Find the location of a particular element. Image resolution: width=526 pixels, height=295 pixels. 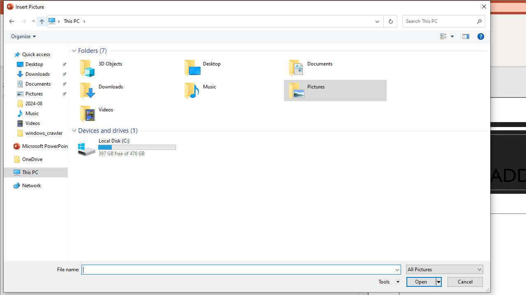

'Preview pane' is located at coordinates (466, 36).